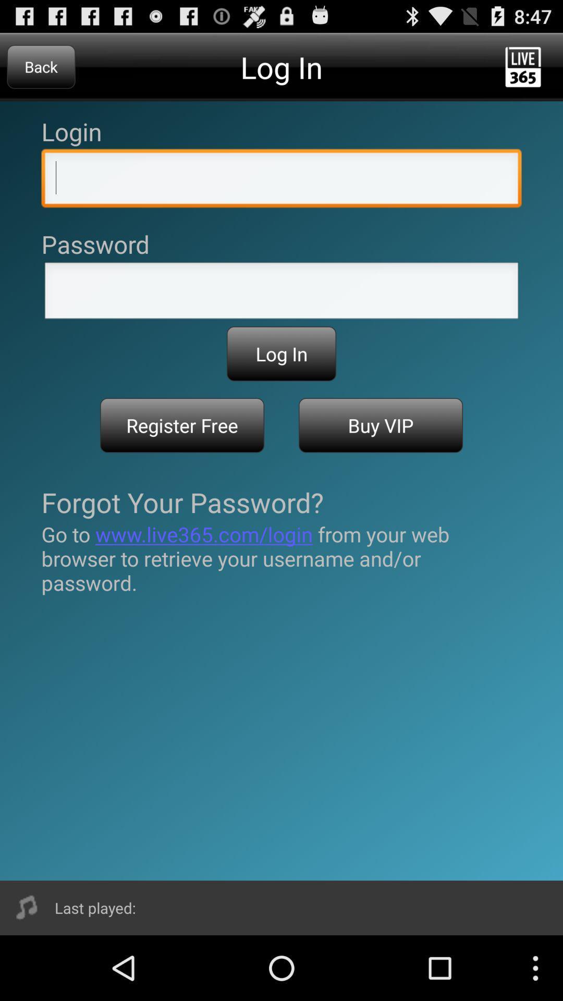  I want to click on icon to the right of register free item, so click(381, 425).